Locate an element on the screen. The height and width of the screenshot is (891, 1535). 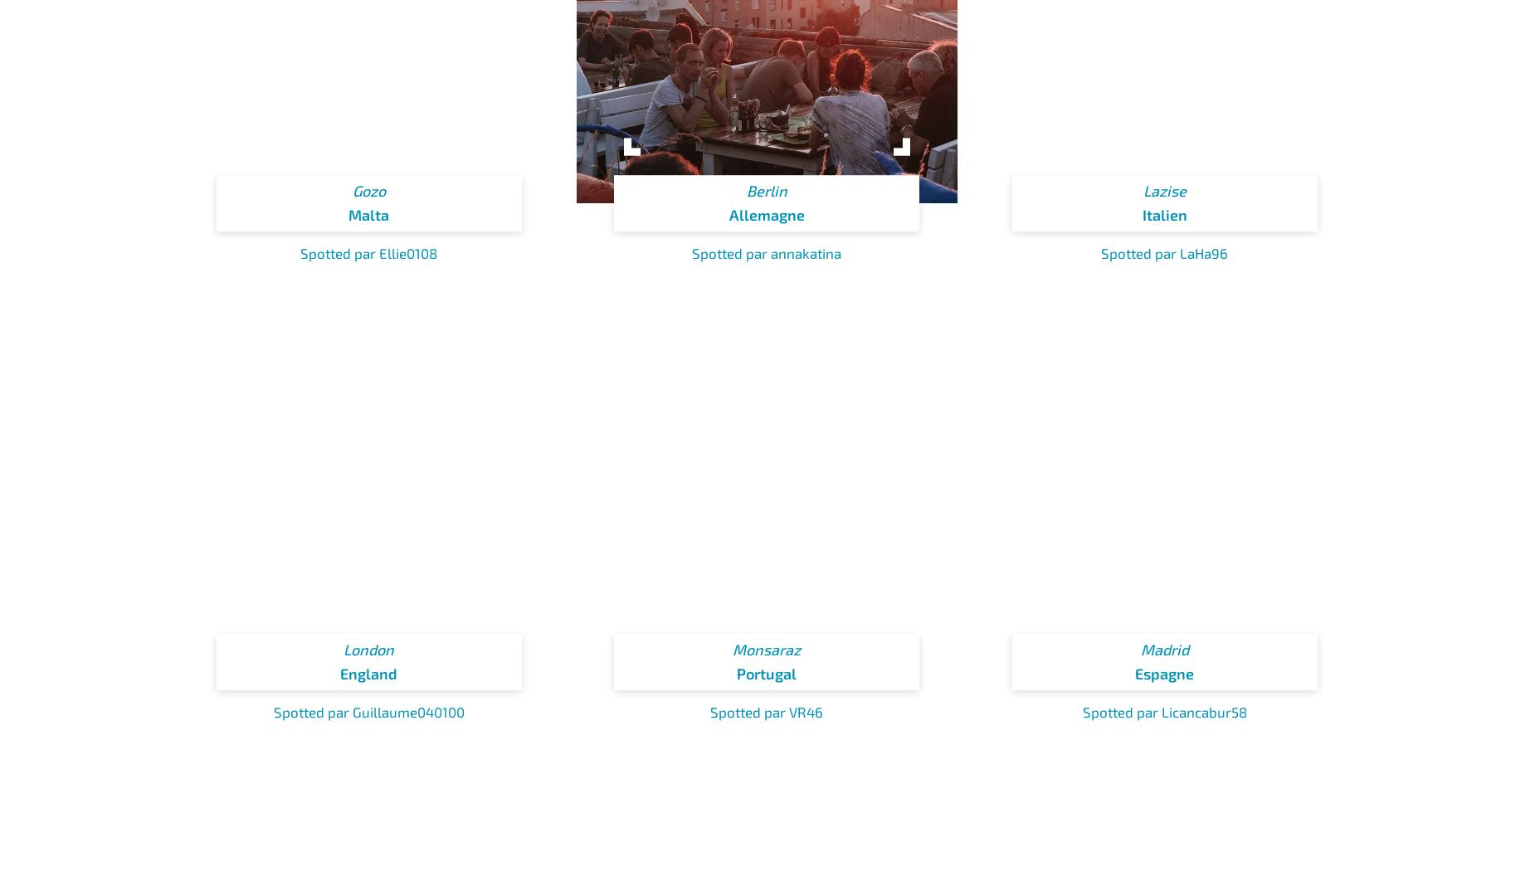
'England' is located at coordinates (368, 672).